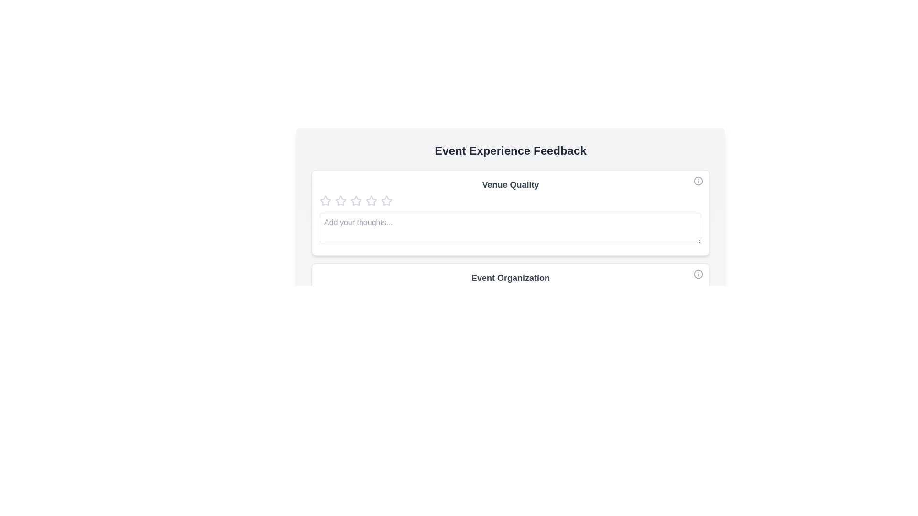 This screenshot has height=516, width=918. What do you see at coordinates (698, 274) in the screenshot?
I see `the informational icon located in the top-right corner of the 'Event Organization' section` at bounding box center [698, 274].